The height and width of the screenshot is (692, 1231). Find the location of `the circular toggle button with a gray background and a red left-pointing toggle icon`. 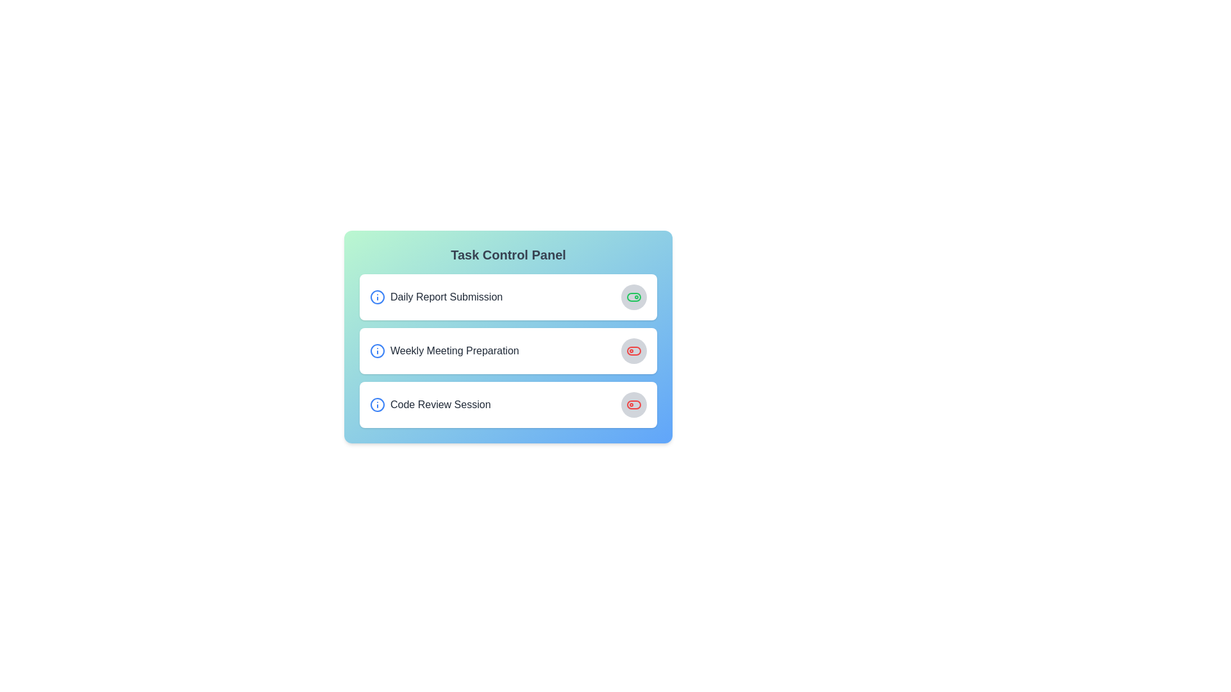

the circular toggle button with a gray background and a red left-pointing toggle icon is located at coordinates (633, 350).